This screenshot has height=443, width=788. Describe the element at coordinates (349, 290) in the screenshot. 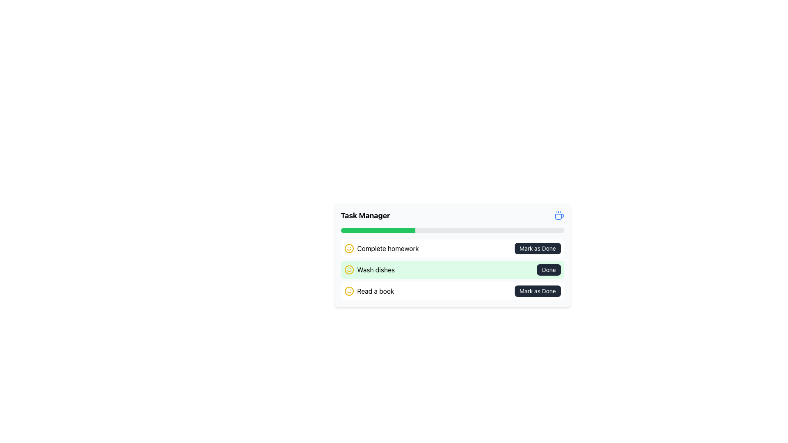

I see `the yellow smiley face icon located to the left of the text 'Read a book'` at that location.